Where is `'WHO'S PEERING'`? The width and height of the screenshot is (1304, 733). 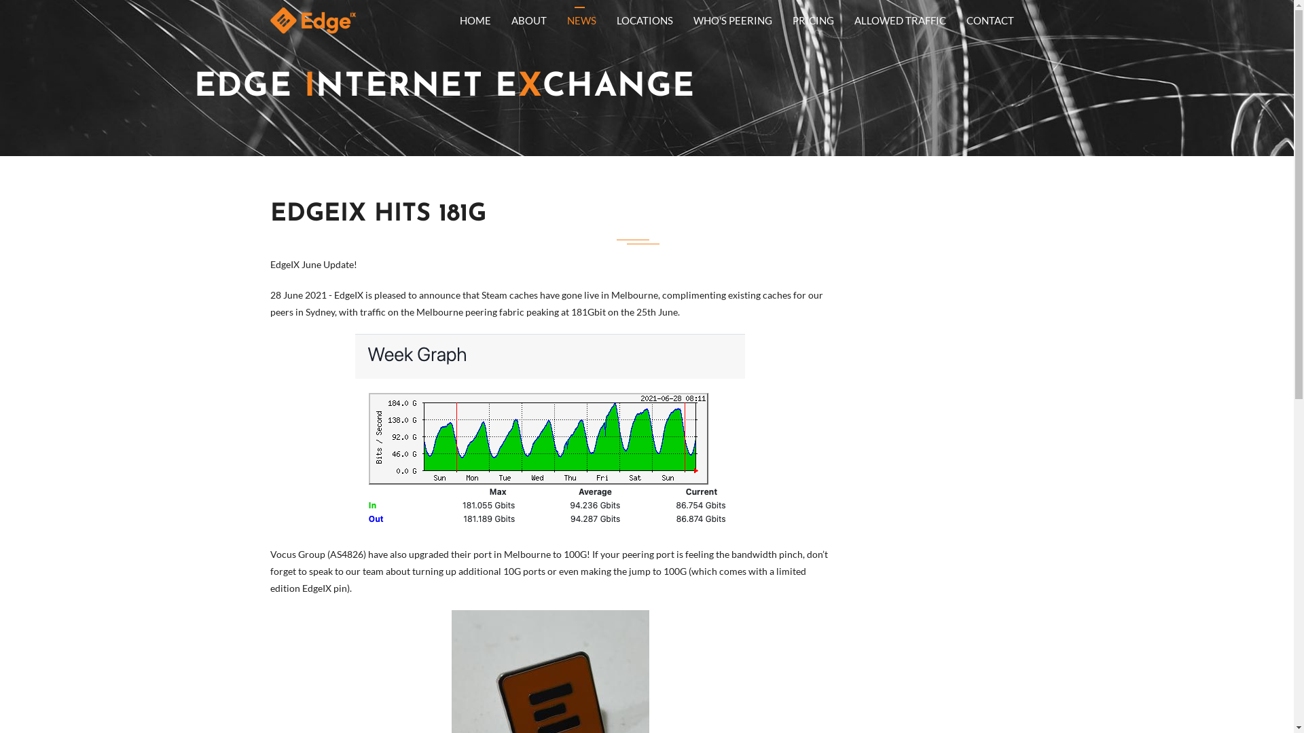 'WHO'S PEERING' is located at coordinates (732, 20).